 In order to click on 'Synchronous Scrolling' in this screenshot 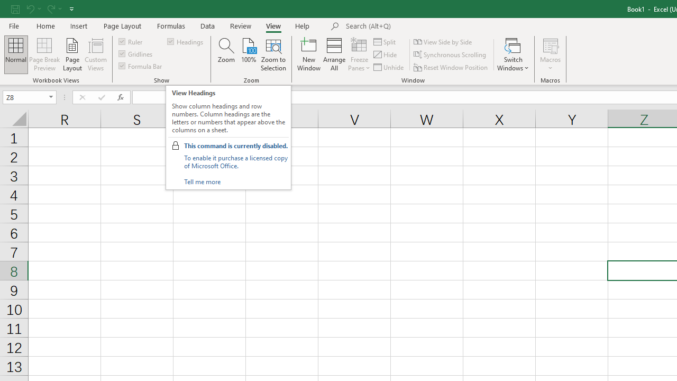, I will do `click(451, 55)`.